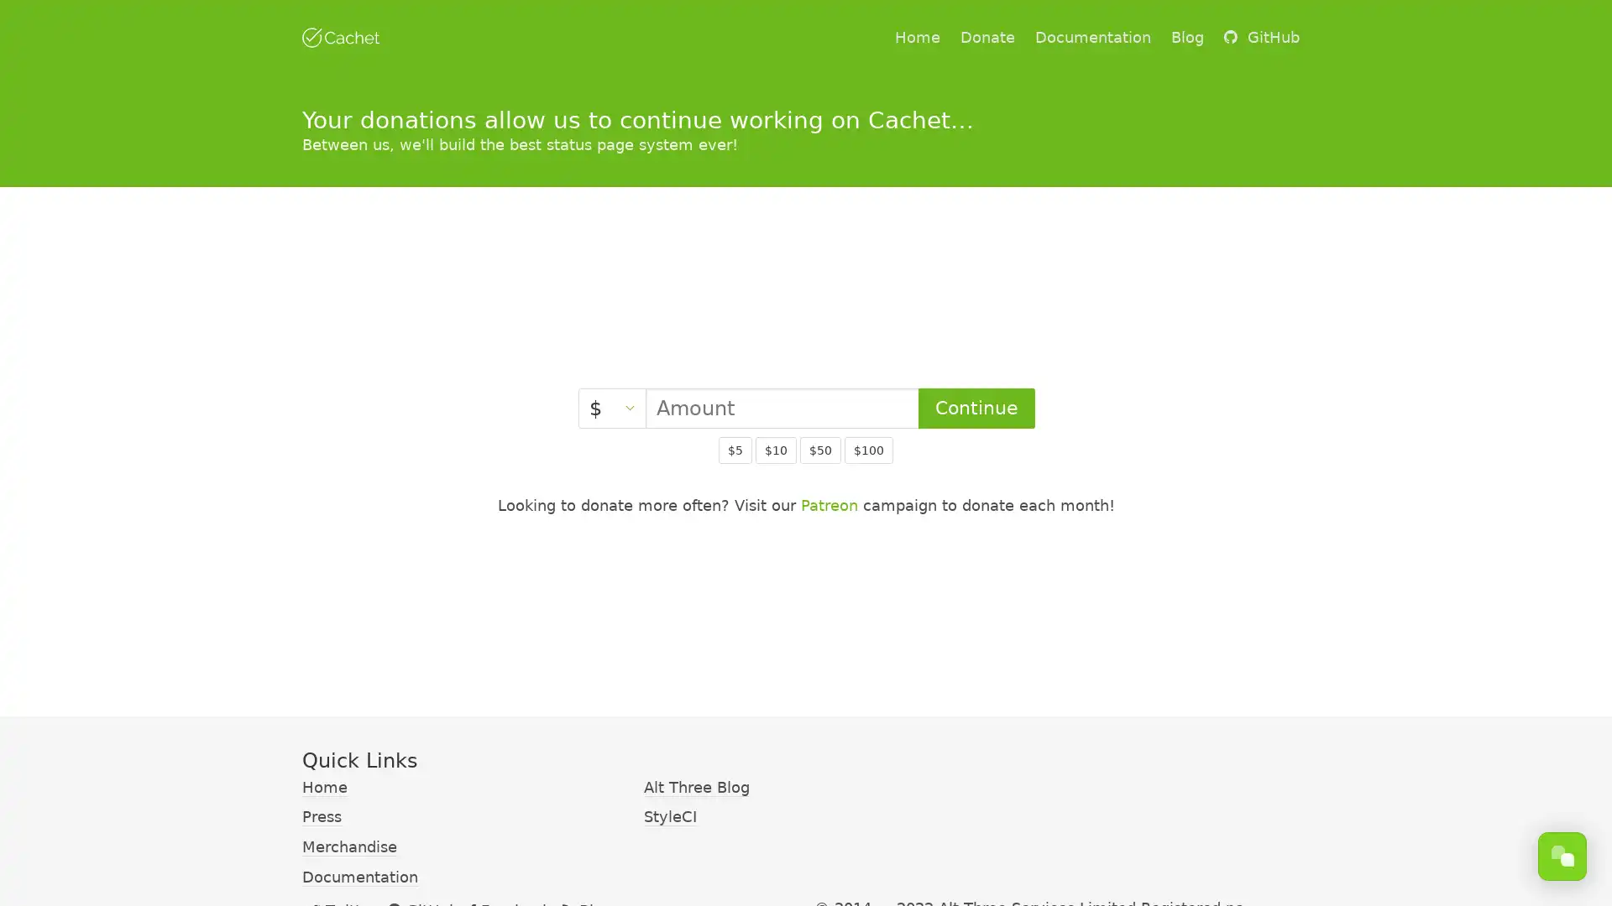 The width and height of the screenshot is (1612, 906). Describe the element at coordinates (976, 408) in the screenshot. I see `Continue` at that location.